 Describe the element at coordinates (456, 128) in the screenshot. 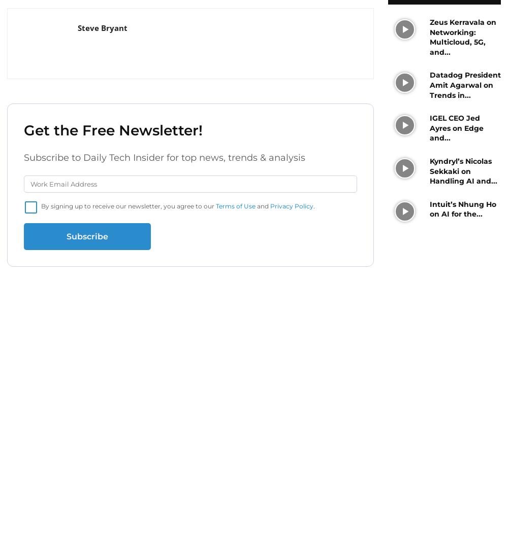

I see `'IGEL CEO Jed Ayres on Edge and...'` at that location.